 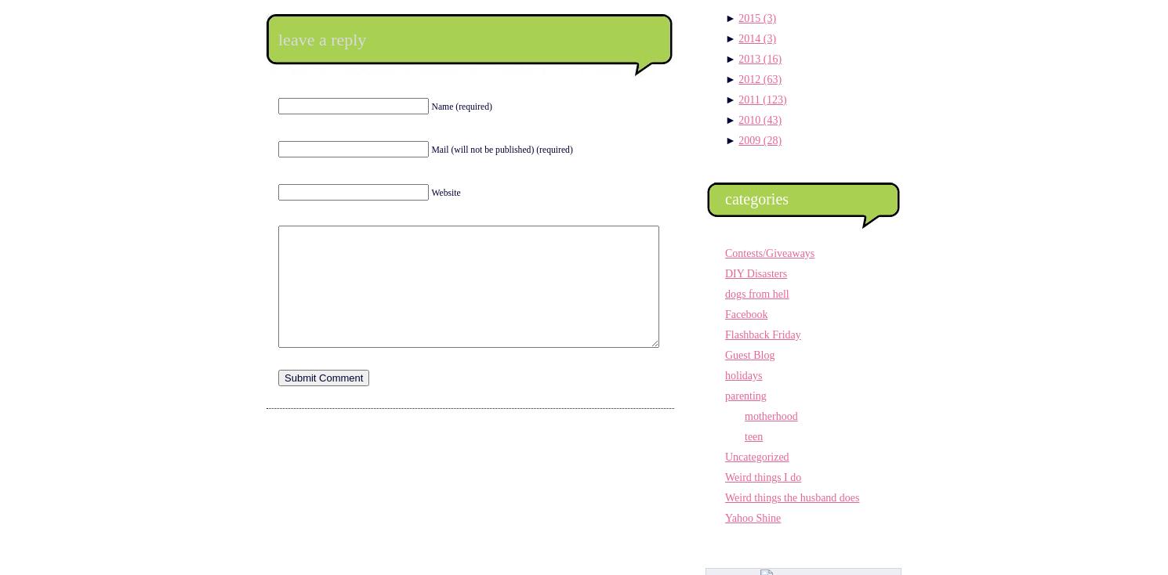 I want to click on 'teen', so click(x=753, y=436).